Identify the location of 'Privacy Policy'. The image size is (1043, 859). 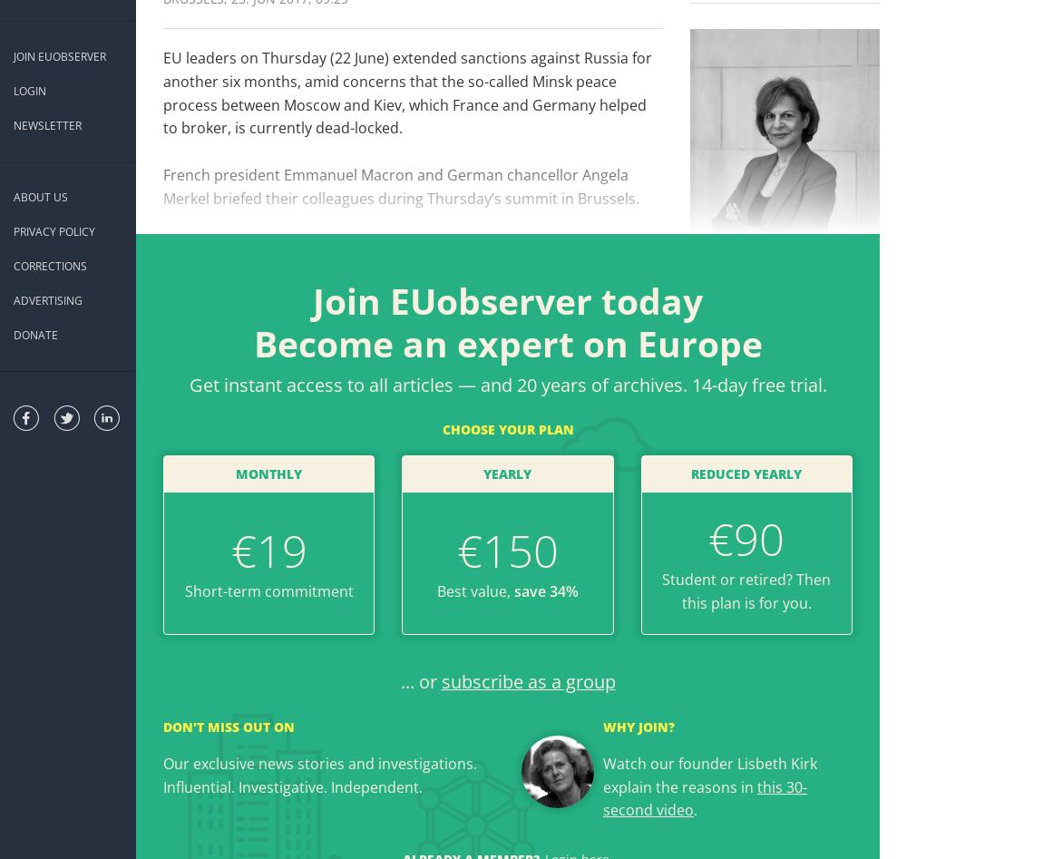
(54, 231).